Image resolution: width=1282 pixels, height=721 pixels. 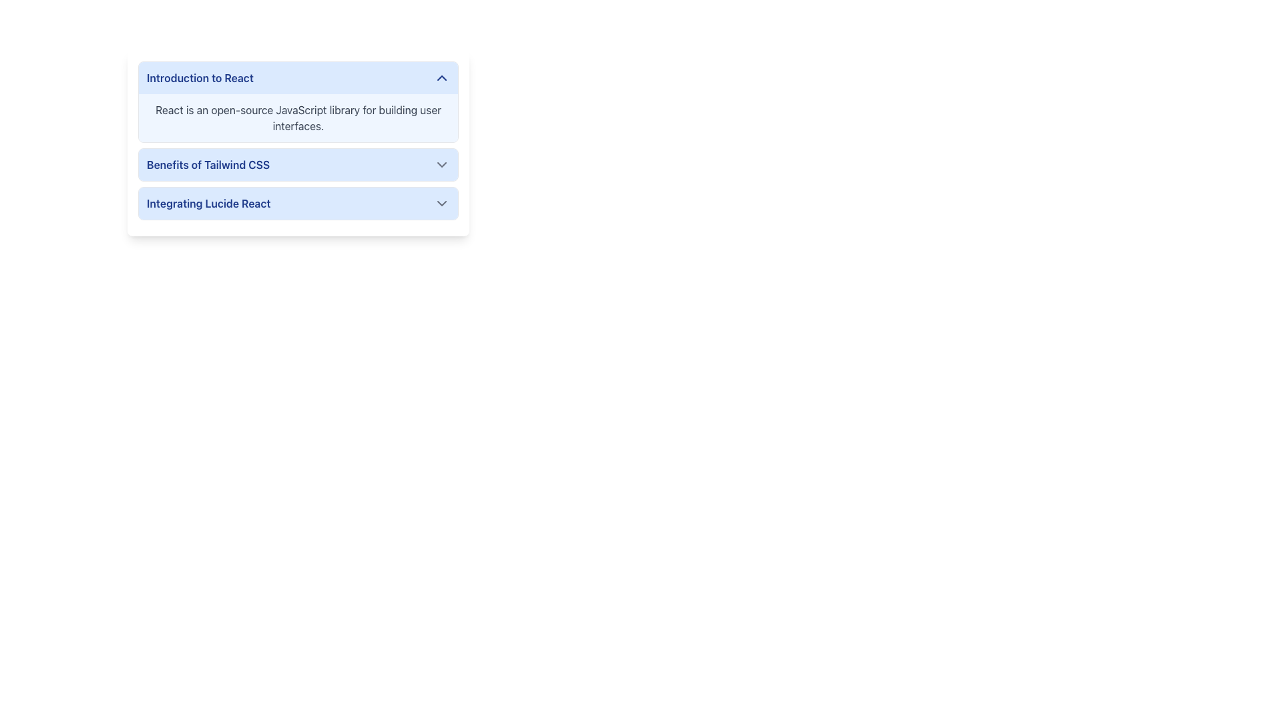 What do you see at coordinates (297, 117) in the screenshot?
I see `the static text block displaying 'React is an open-source JavaScript library for building user interfaces.' which is located below the title 'Introduction to React'` at bounding box center [297, 117].